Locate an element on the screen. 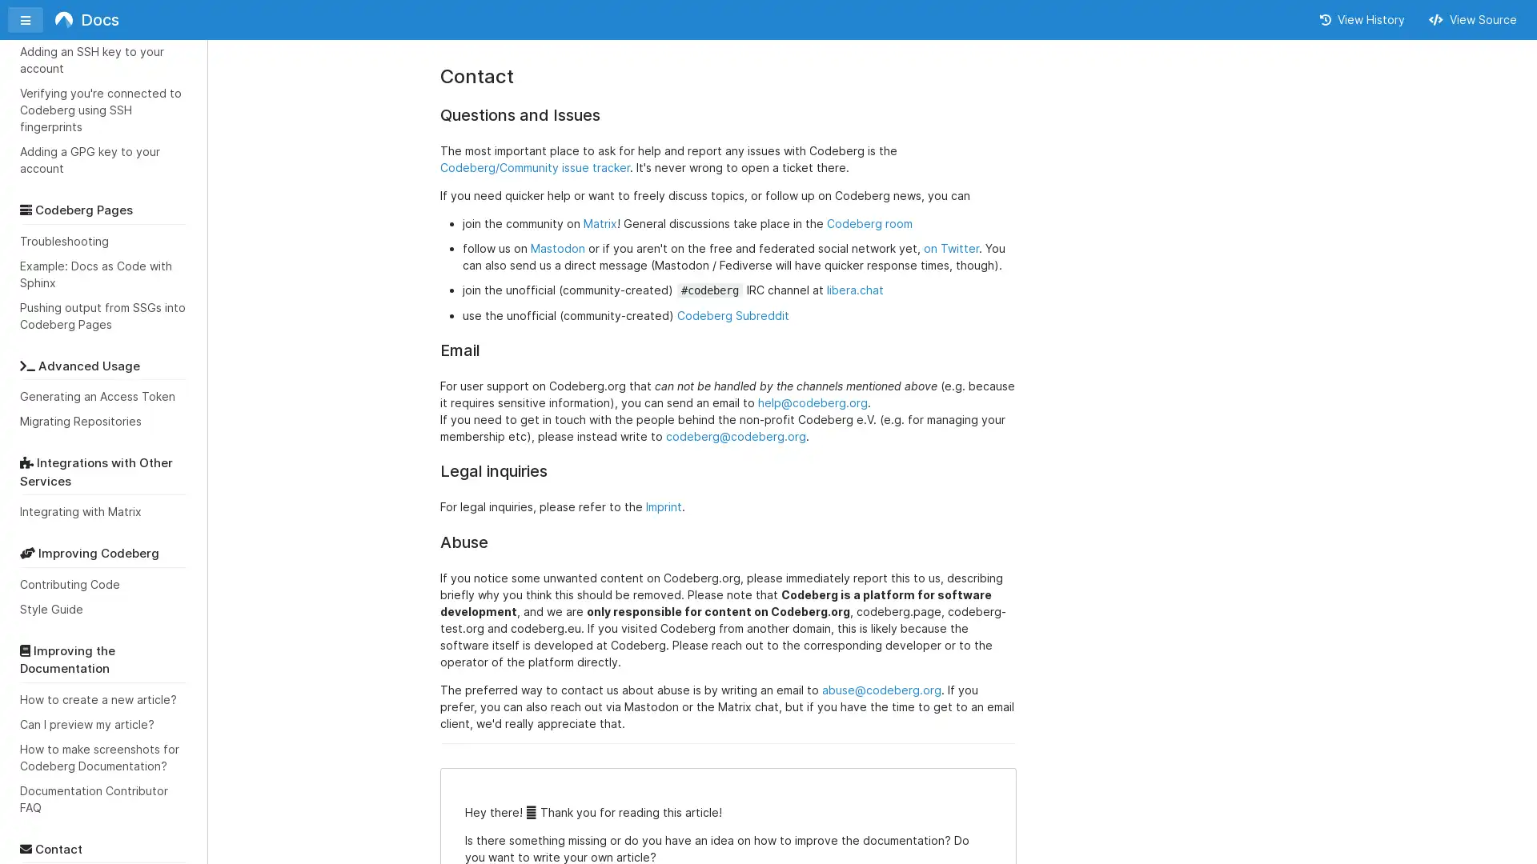 The height and width of the screenshot is (864, 1537). Toggle sidebar is located at coordinates (26, 18).